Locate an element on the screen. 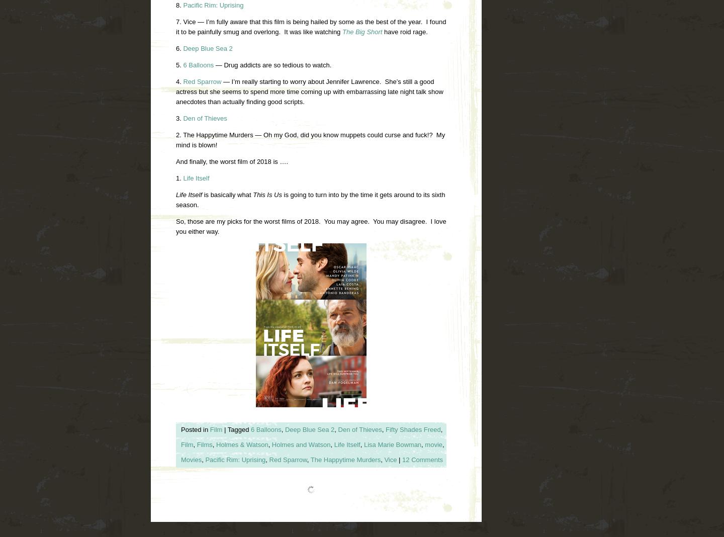  '7. Vice — I’m fully aware that this film is being hailed by some as the best of the year.  I found it to be painfully smug and overlong.  It was like watching' is located at coordinates (310, 26).